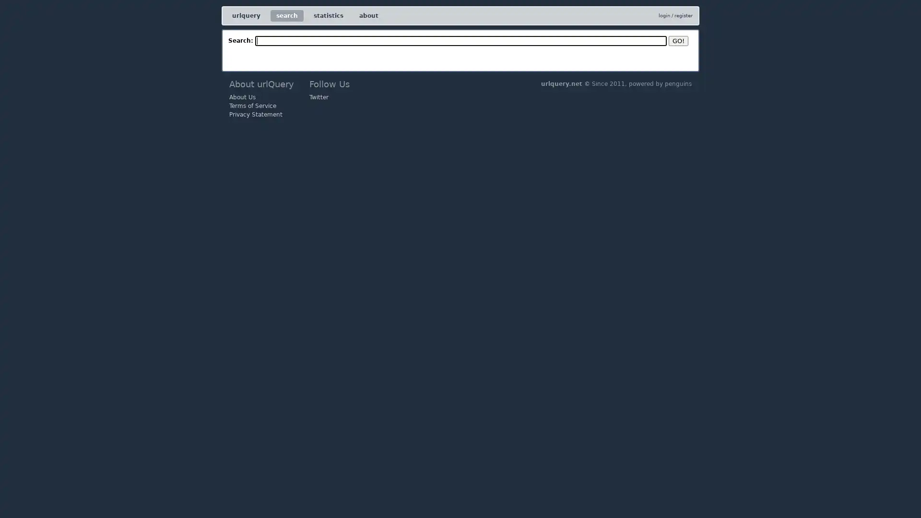 The image size is (921, 518). I want to click on GO!, so click(678, 40).